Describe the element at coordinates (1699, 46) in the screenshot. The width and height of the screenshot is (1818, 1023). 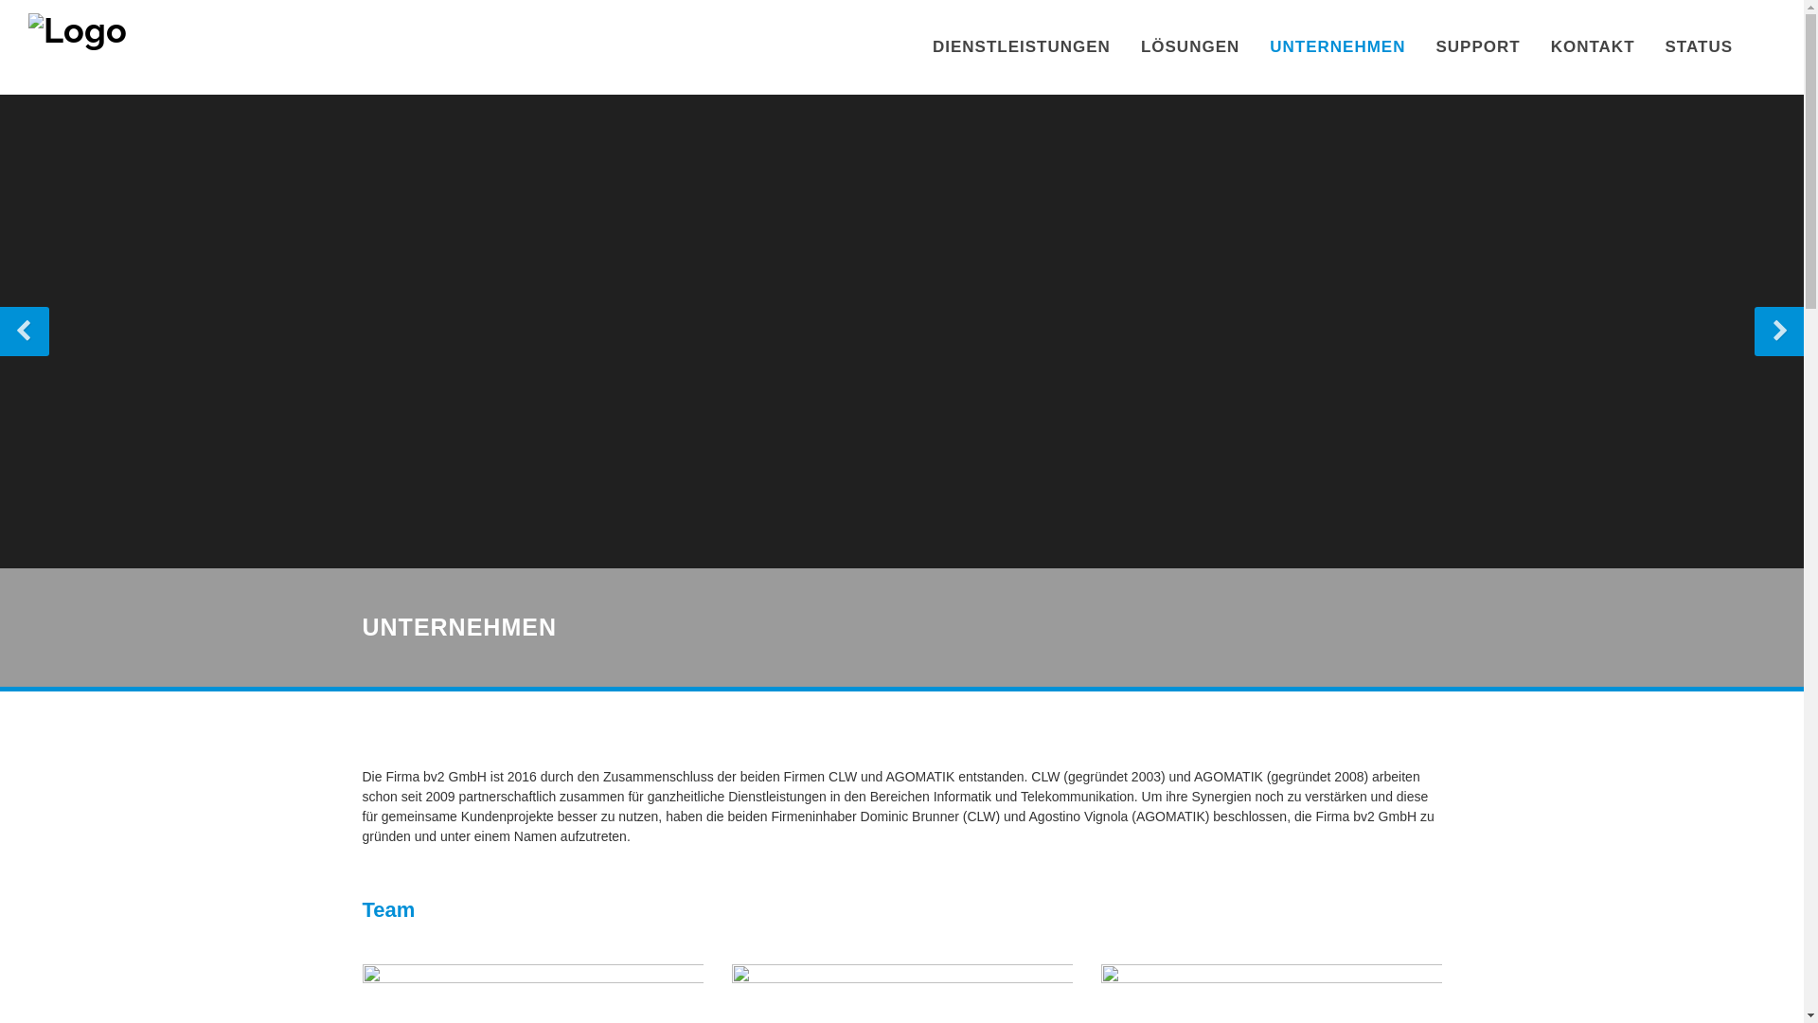
I see `'STATUS'` at that location.